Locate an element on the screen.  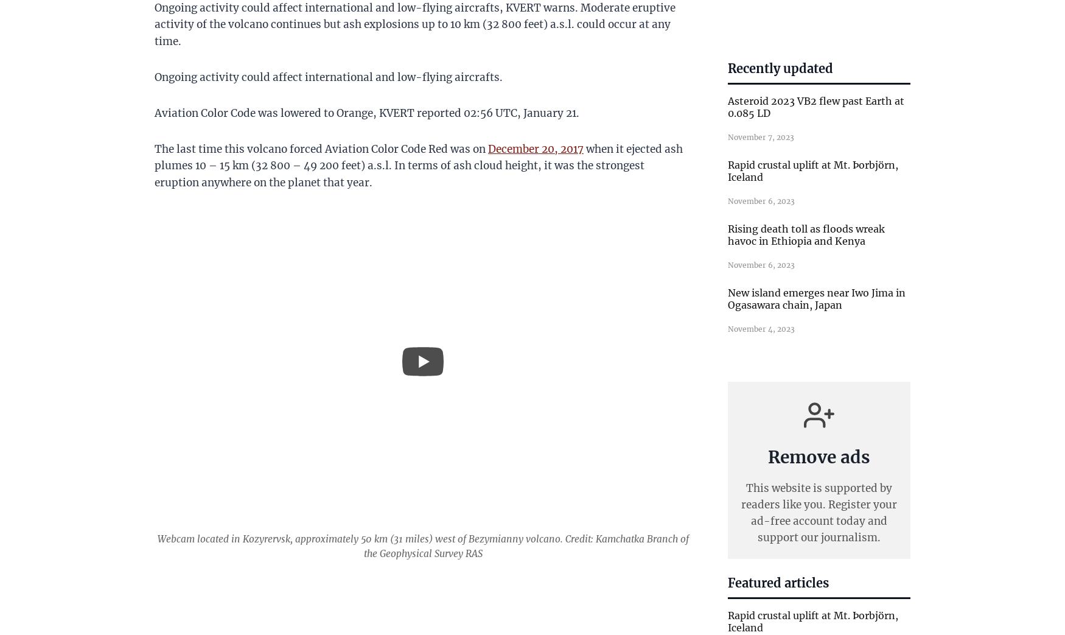
'Rising death toll as floods wreak havoc in Ethiopia and Kenya' is located at coordinates (806, 234).